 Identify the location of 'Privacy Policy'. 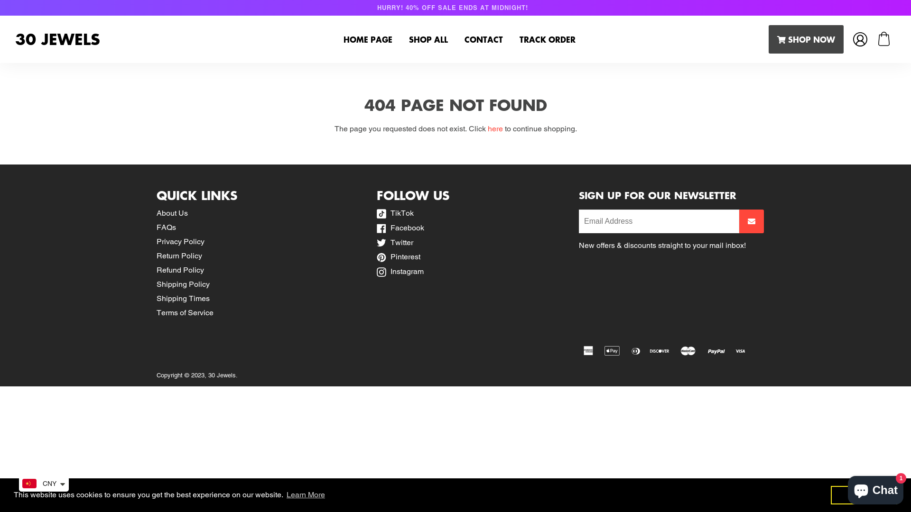
(180, 241).